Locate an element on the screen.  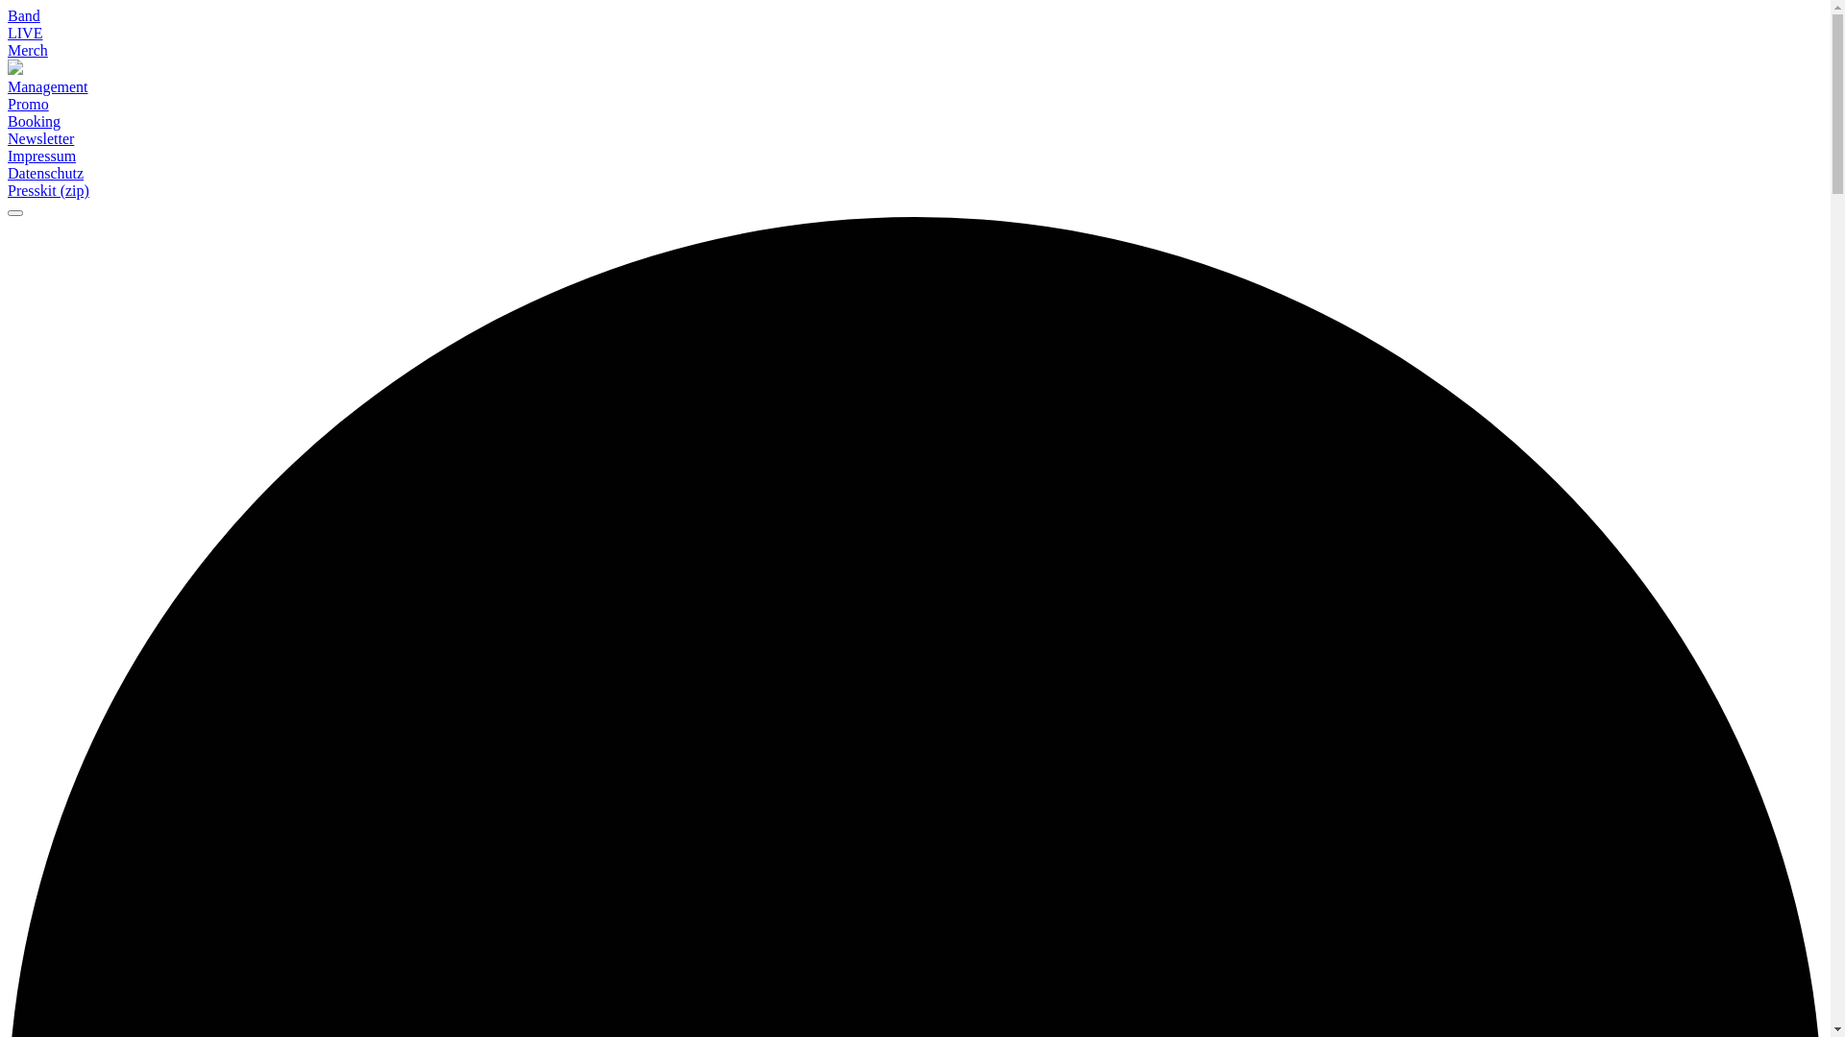
'Impressum' is located at coordinates (41, 155).